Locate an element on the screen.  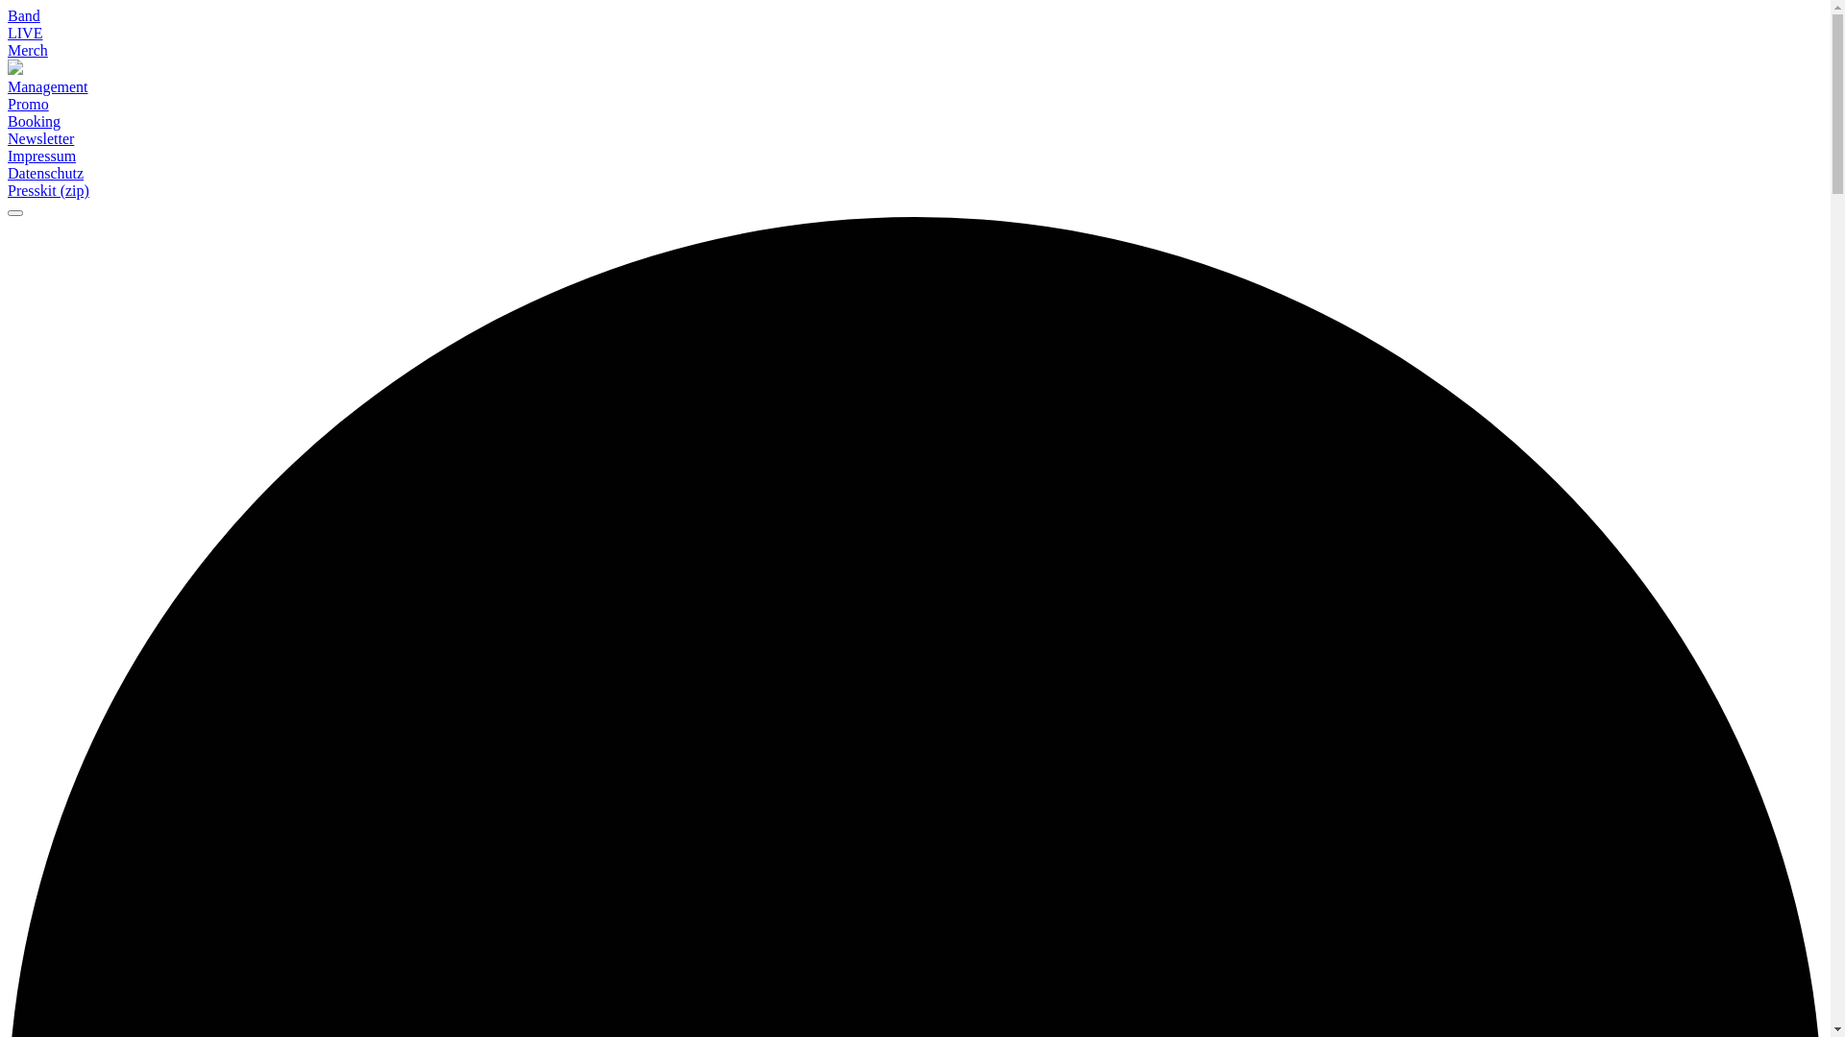
'Impressum' is located at coordinates (41, 155).